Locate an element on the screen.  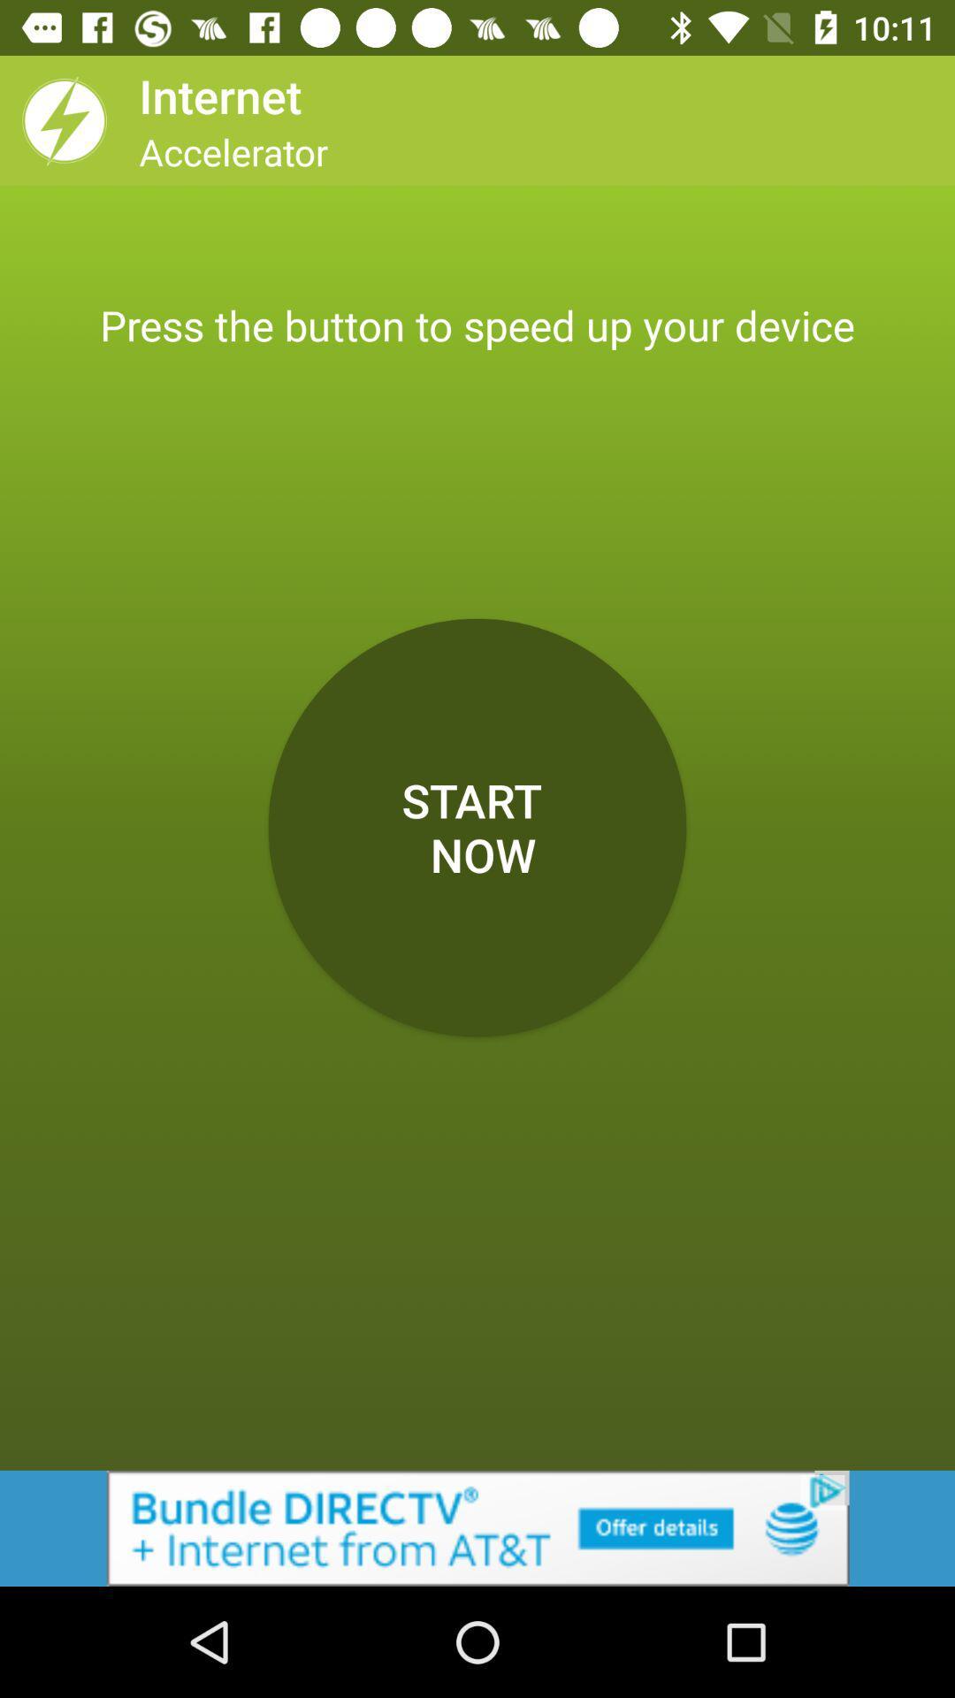
the add is located at coordinates (477, 1527).